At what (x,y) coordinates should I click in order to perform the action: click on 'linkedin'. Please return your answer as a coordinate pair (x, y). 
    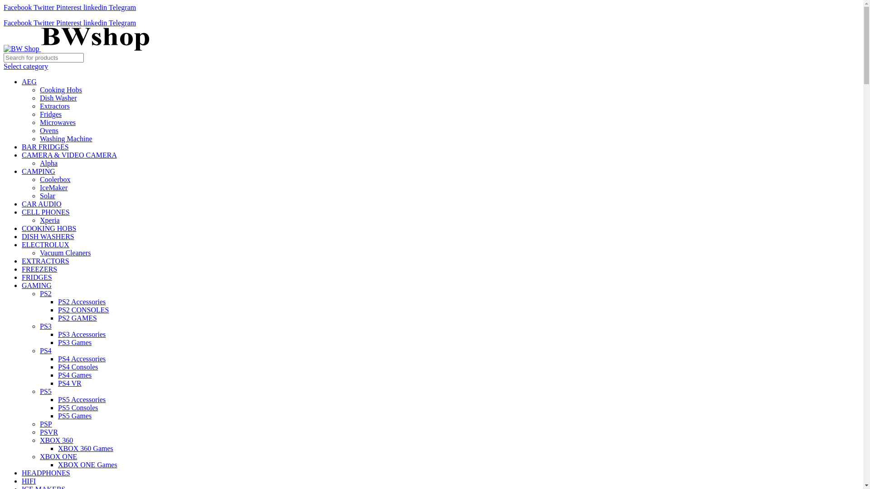
    Looking at the image, I should click on (96, 22).